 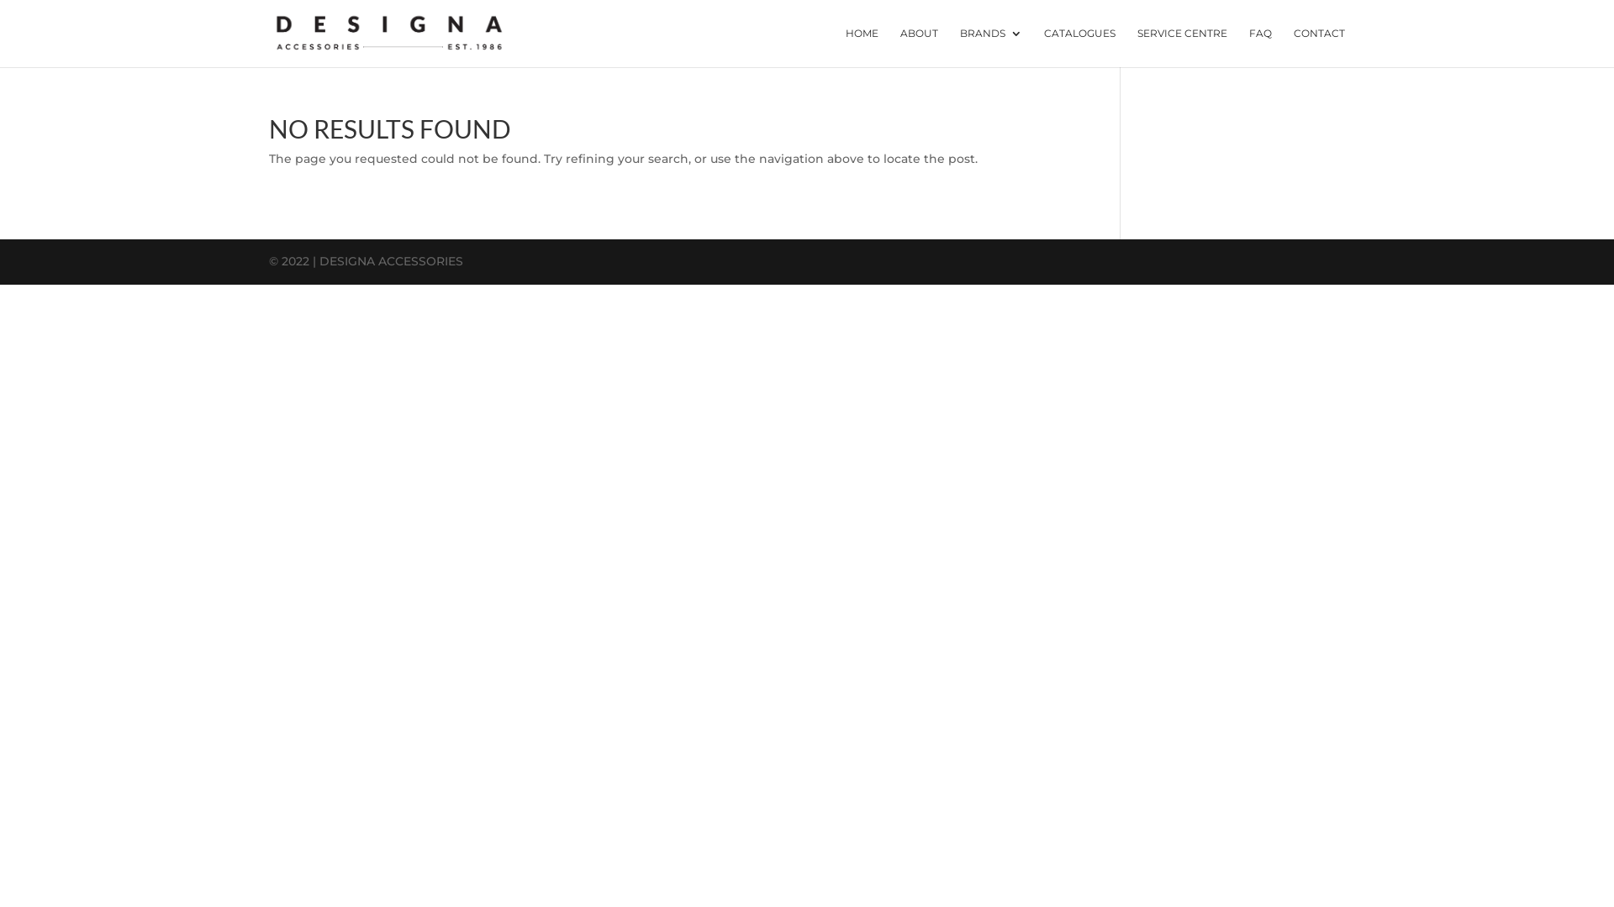 I want to click on 'HOME', so click(x=846, y=46).